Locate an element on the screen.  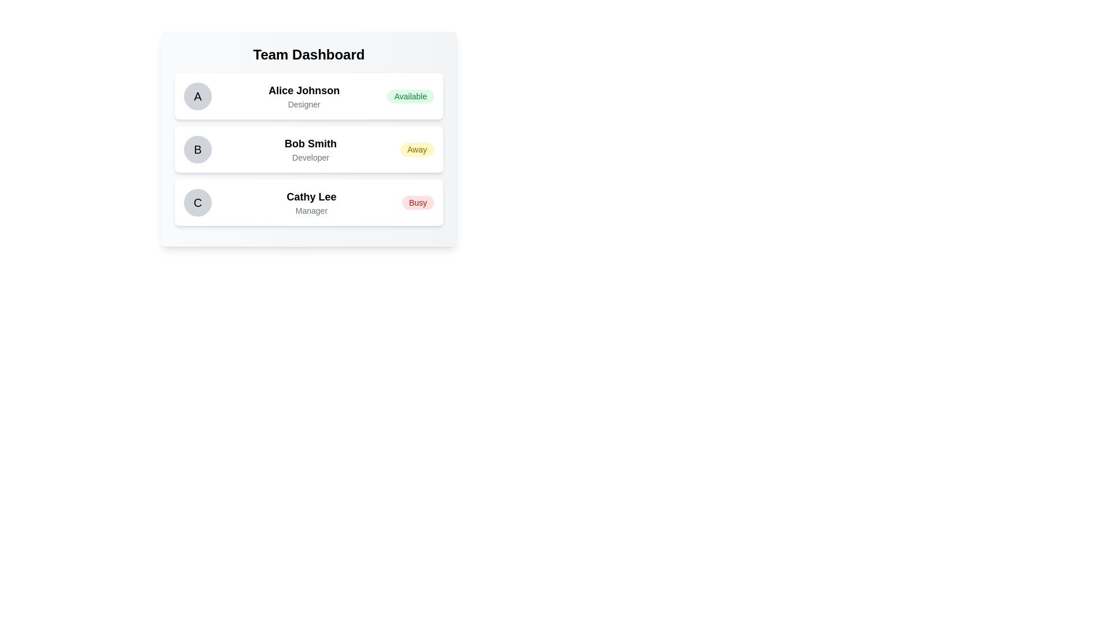
the static text label that indicates the role of 'Bob Smith', located directly below his name in the second card of the vertical list, within section 'B' is located at coordinates (311, 158).